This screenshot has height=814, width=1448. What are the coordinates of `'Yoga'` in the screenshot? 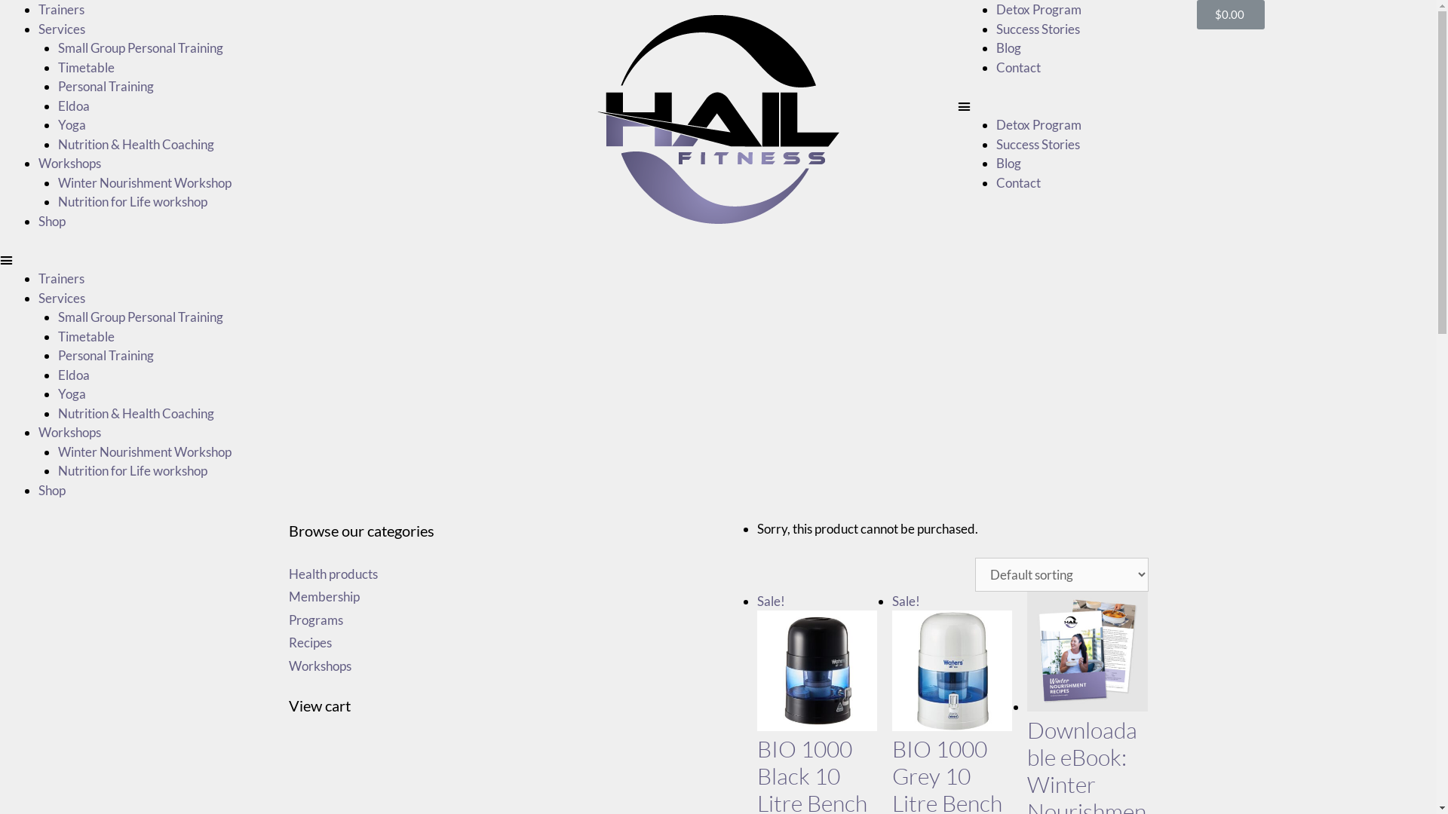 It's located at (57, 393).